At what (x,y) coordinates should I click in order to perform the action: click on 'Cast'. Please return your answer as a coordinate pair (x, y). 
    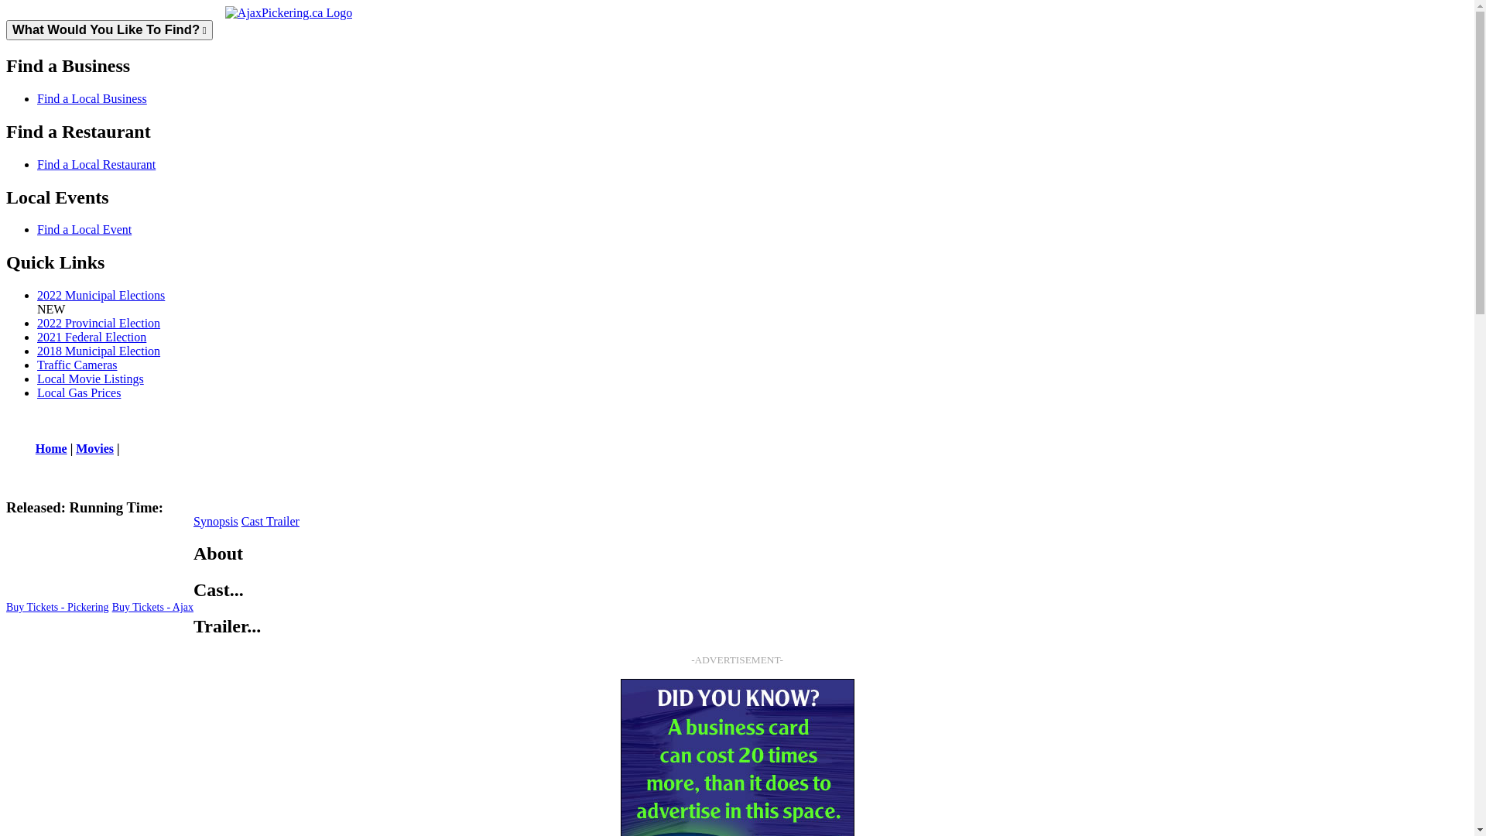
    Looking at the image, I should click on (253, 521).